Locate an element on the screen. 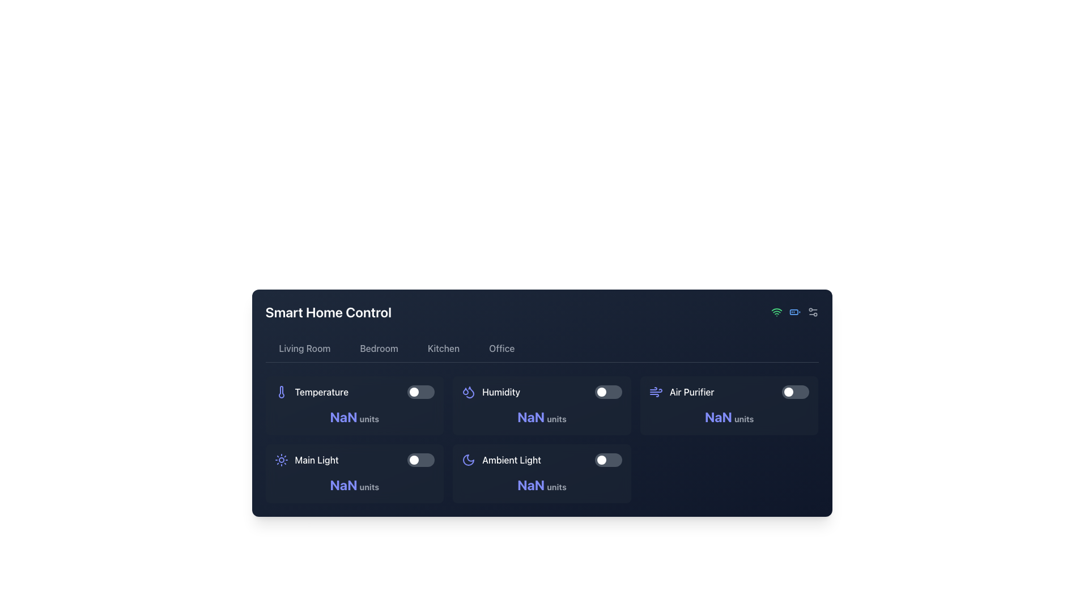 The width and height of the screenshot is (1088, 612). the toggle switch in the control section to change the state of the 'Temperature' function is located at coordinates (420, 391).